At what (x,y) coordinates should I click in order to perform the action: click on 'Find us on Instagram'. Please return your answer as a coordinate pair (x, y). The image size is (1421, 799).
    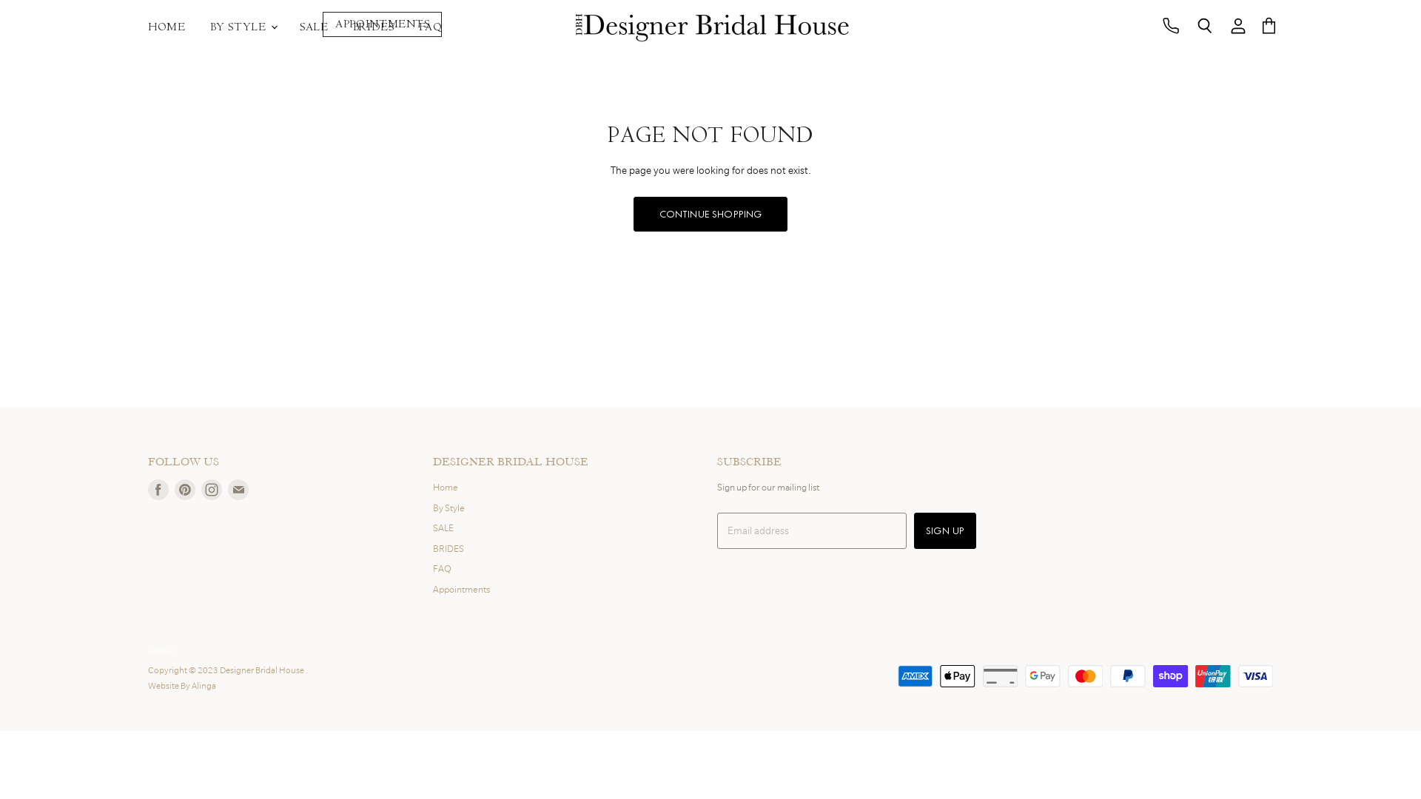
    Looking at the image, I should click on (211, 490).